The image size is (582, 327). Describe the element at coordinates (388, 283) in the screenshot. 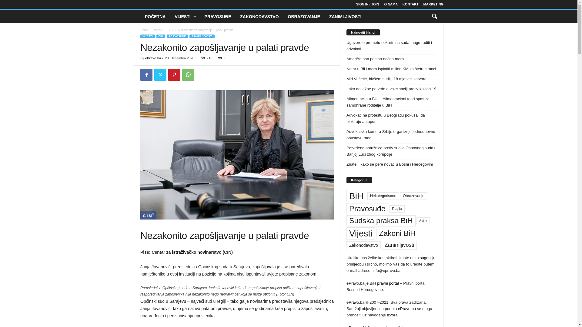

I see `'pravni portal'` at that location.